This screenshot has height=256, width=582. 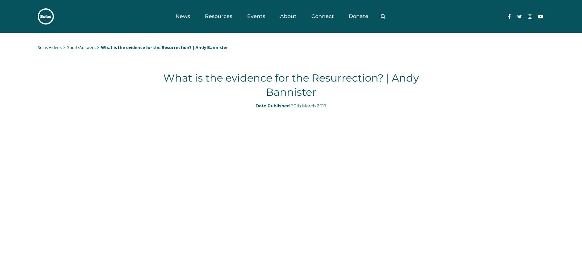 I want to click on 'Solas Videos', so click(x=49, y=47).